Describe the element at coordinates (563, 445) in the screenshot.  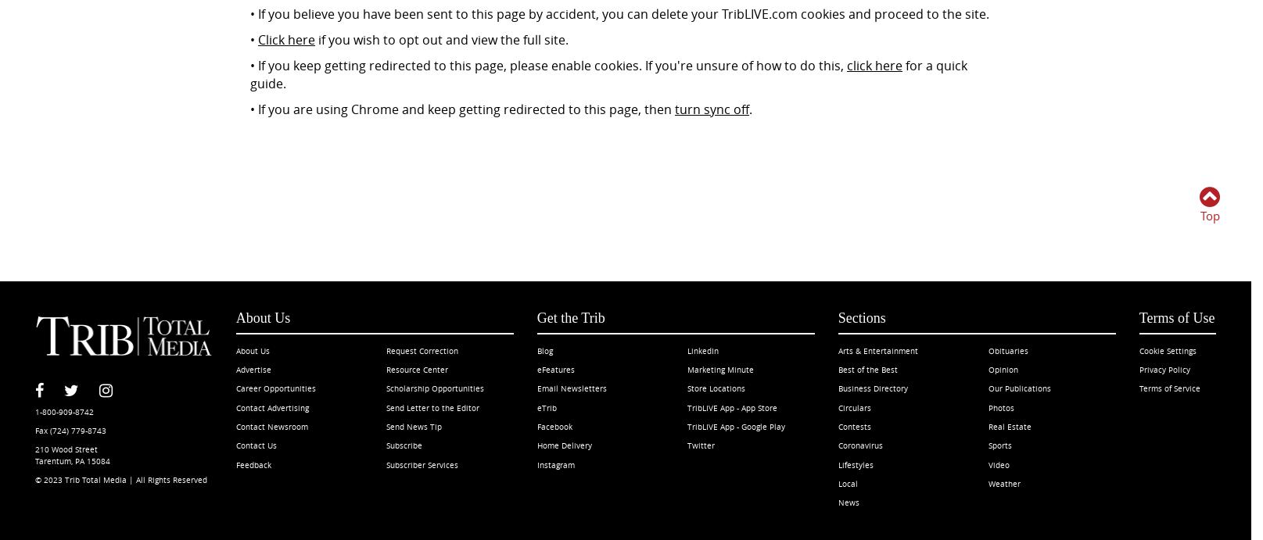
I see `'Home Delivery'` at that location.